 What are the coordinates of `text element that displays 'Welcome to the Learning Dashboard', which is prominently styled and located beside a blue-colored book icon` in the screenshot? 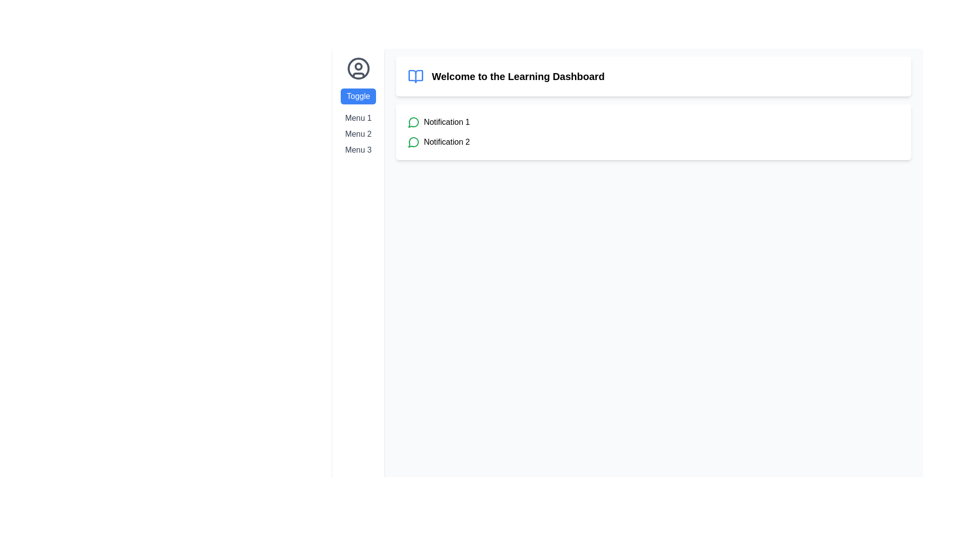 It's located at (517, 76).